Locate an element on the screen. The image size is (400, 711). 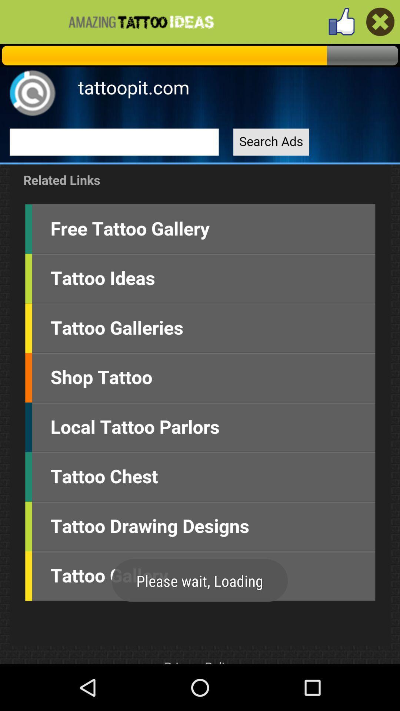
link is located at coordinates (200, 354).